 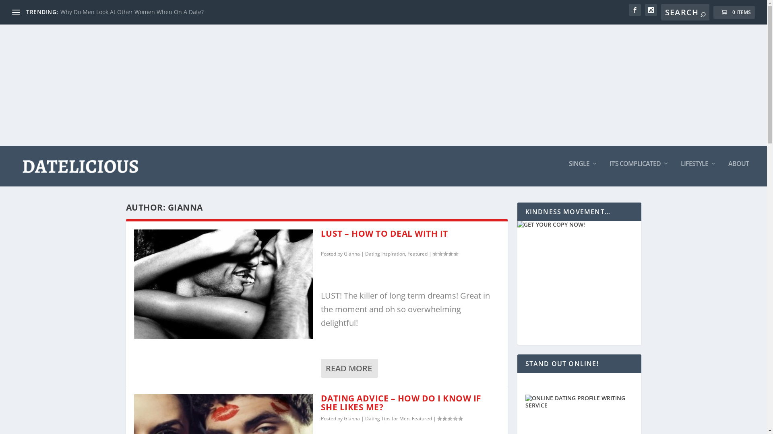 What do you see at coordinates (685, 12) in the screenshot?
I see `'Search for:'` at bounding box center [685, 12].